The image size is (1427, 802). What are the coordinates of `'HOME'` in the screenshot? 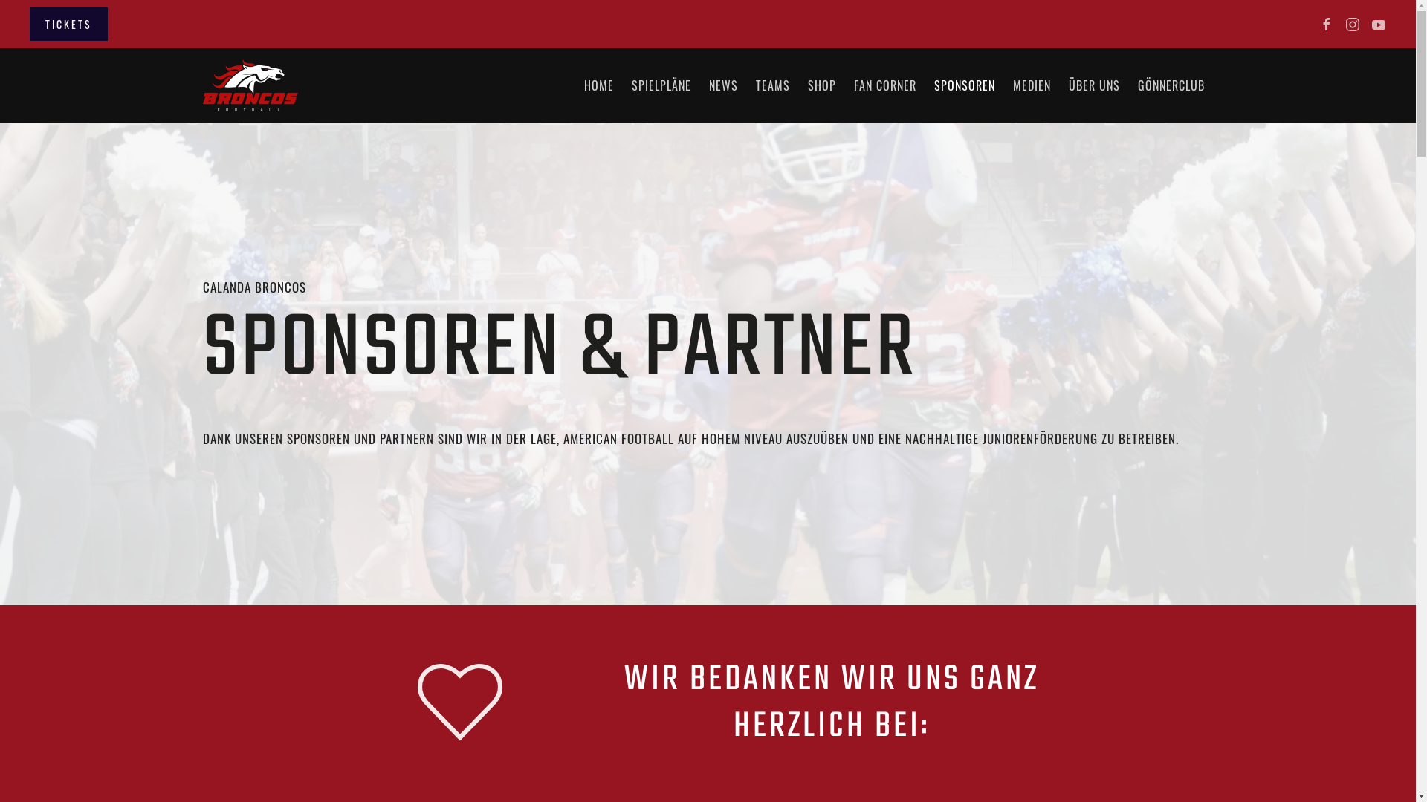 It's located at (574, 85).